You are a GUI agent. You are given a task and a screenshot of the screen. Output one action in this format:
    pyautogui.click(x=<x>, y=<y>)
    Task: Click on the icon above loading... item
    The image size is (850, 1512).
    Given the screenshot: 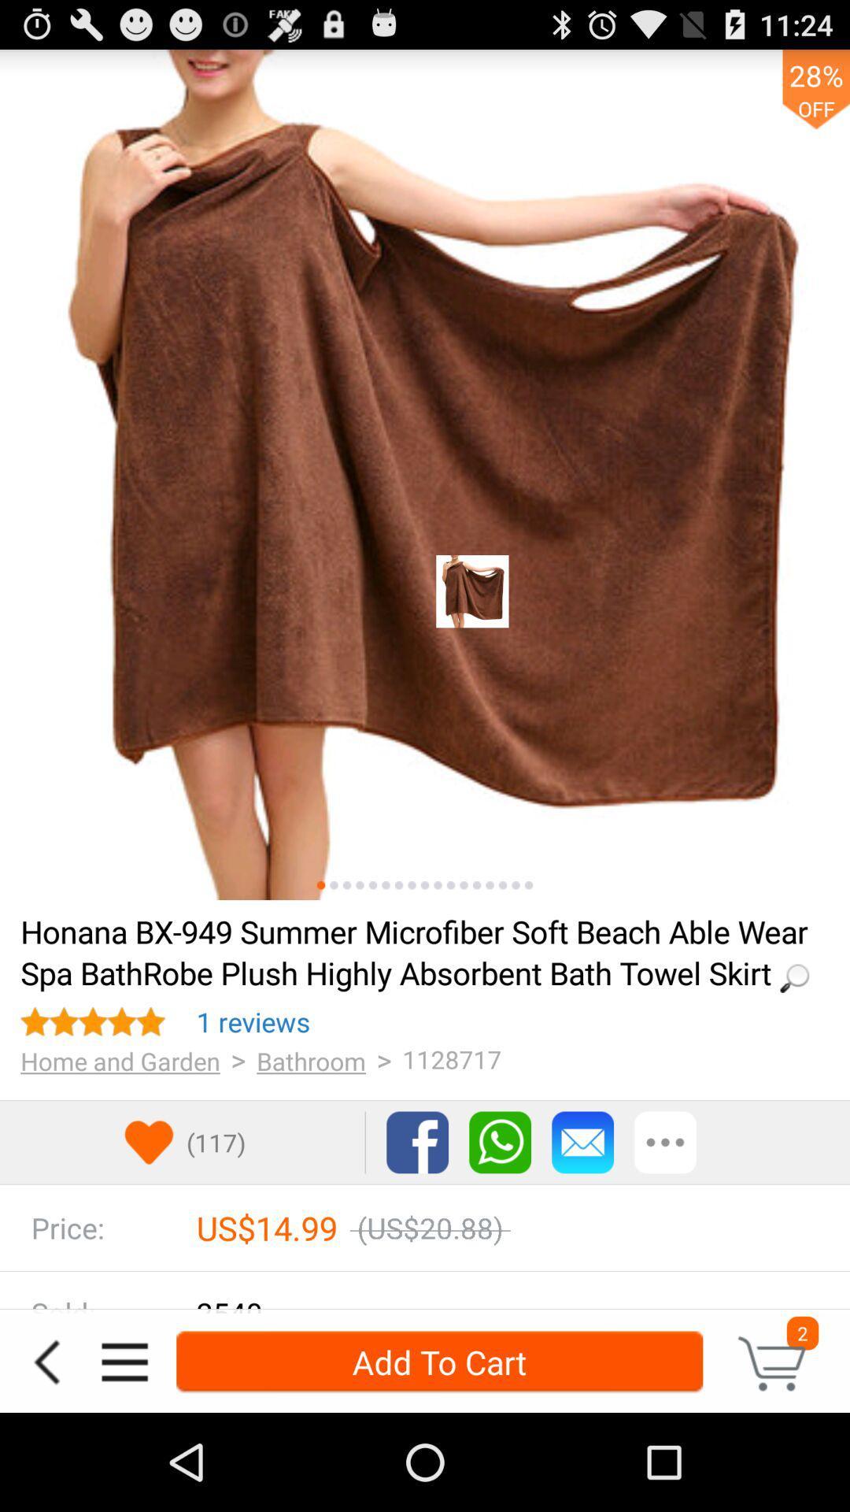 What is the action you would take?
    pyautogui.click(x=346, y=885)
    